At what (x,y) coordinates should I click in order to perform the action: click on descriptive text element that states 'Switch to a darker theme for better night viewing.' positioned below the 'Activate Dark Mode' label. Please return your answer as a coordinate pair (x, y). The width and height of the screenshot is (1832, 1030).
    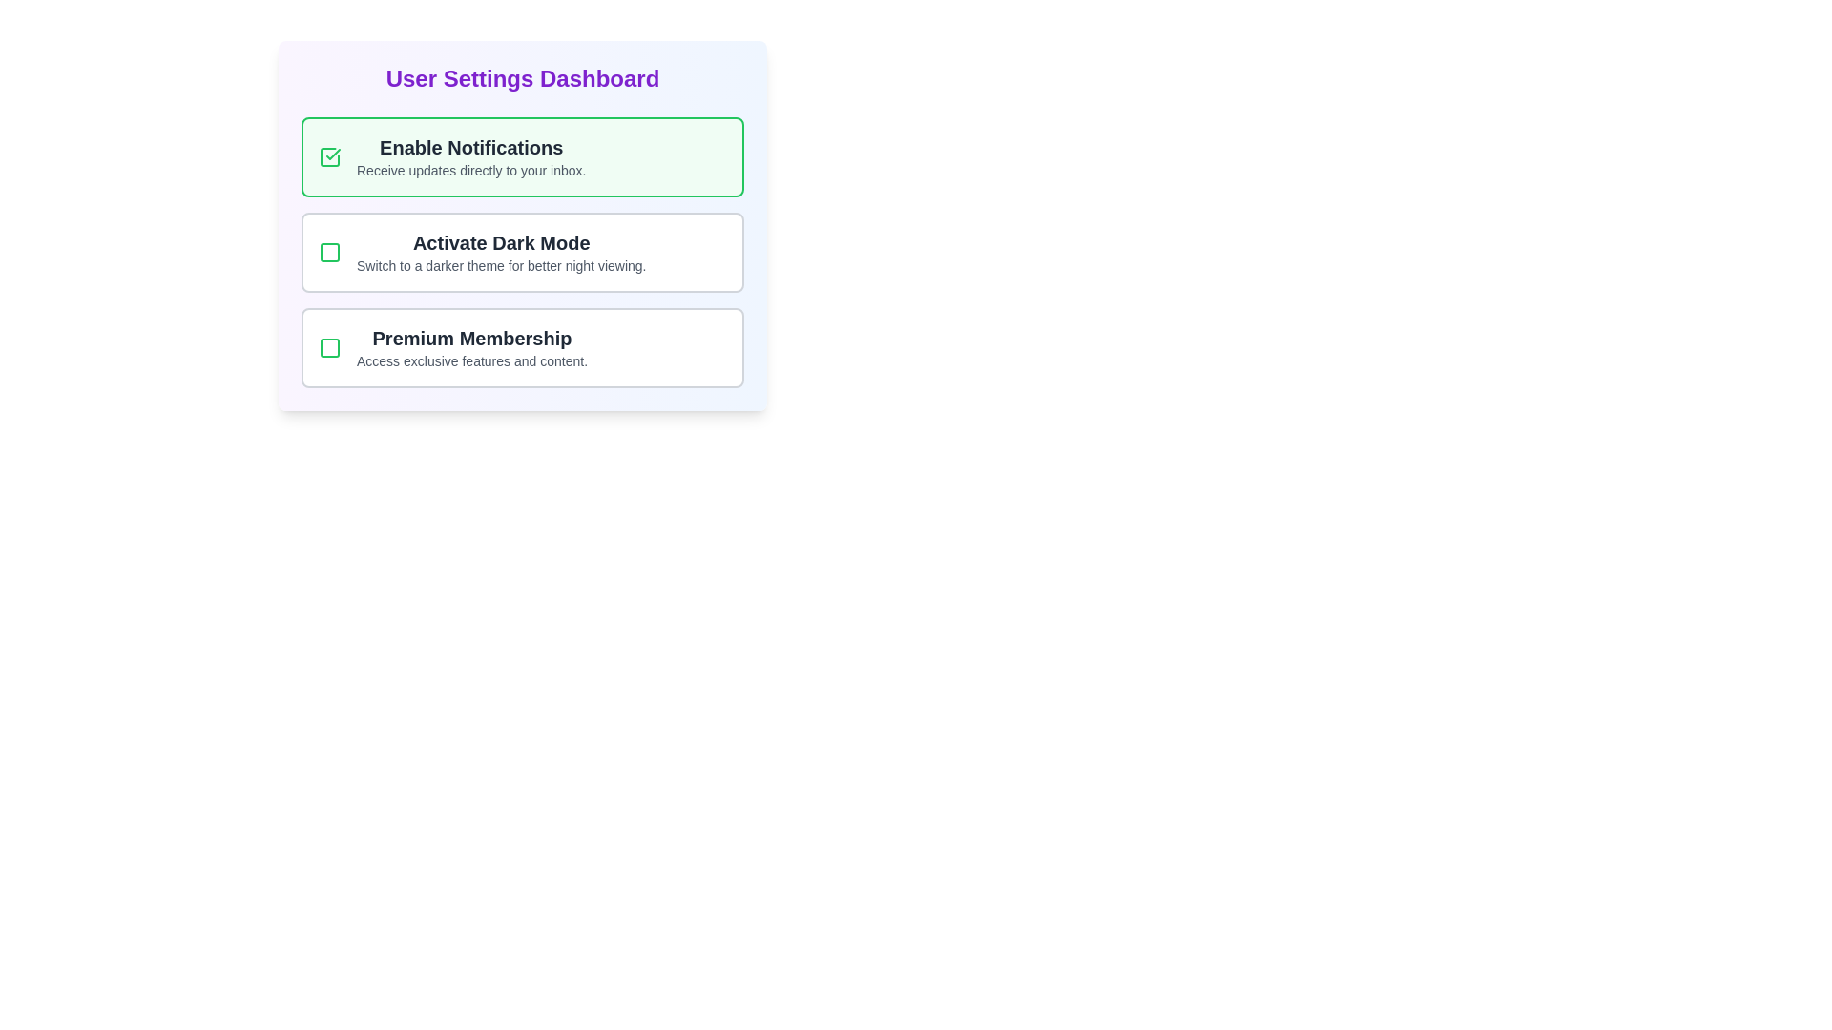
    Looking at the image, I should click on (501, 265).